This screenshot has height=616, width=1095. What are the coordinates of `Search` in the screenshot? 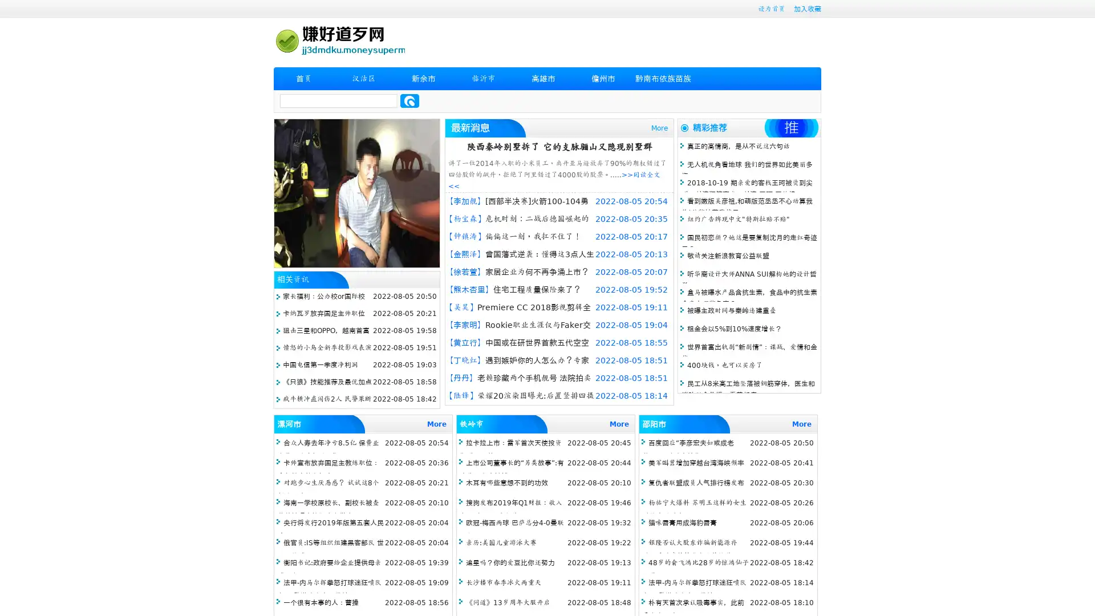 It's located at (409, 100).